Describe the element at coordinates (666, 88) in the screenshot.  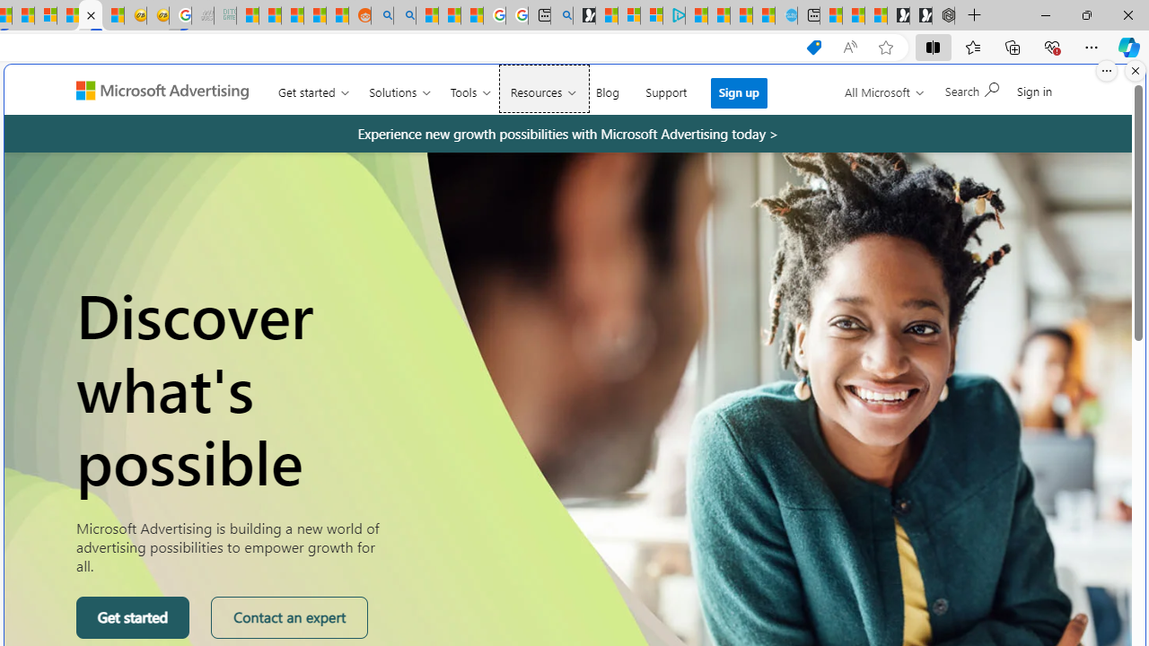
I see `'Support'` at that location.